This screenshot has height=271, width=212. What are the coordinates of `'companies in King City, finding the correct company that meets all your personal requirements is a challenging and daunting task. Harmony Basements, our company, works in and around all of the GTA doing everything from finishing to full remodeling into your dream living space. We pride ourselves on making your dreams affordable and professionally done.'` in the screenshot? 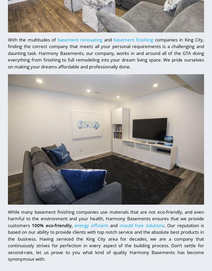 It's located at (106, 53).